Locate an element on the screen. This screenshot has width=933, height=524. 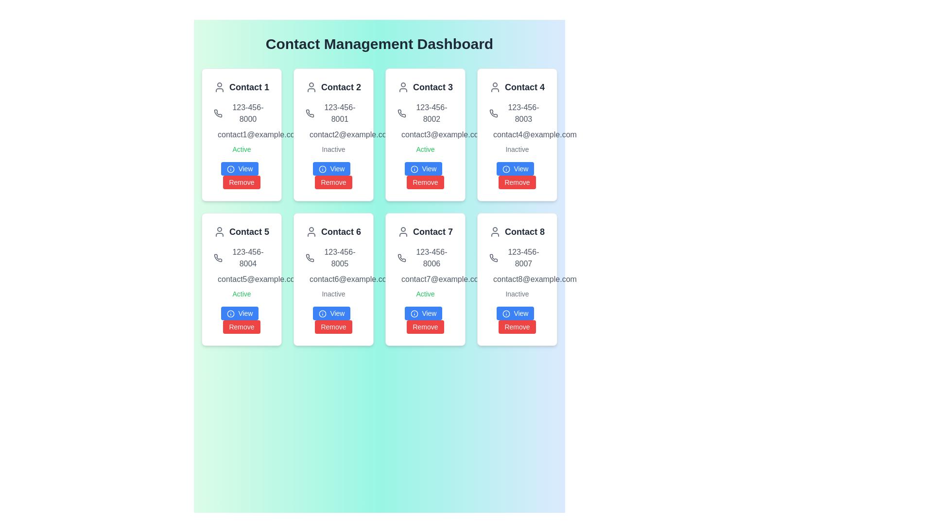
phone number displayed in the contact card for 'Contact 5', located below the name and above the email address is located at coordinates (242, 258).